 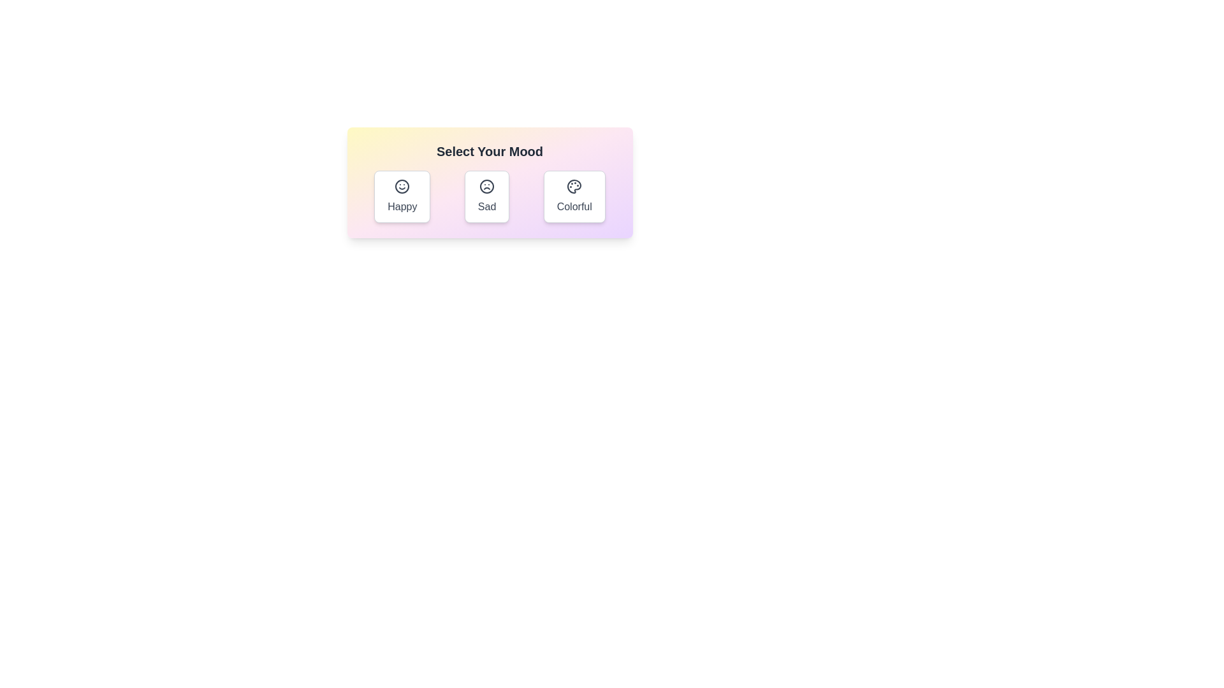 What do you see at coordinates (486, 196) in the screenshot?
I see `the mood button labeled Sad` at bounding box center [486, 196].